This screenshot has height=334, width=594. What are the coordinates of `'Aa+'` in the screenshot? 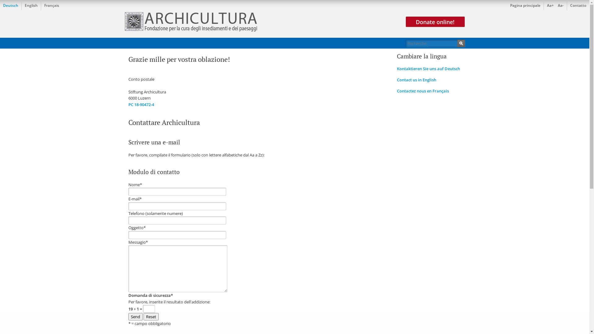 It's located at (550, 6).